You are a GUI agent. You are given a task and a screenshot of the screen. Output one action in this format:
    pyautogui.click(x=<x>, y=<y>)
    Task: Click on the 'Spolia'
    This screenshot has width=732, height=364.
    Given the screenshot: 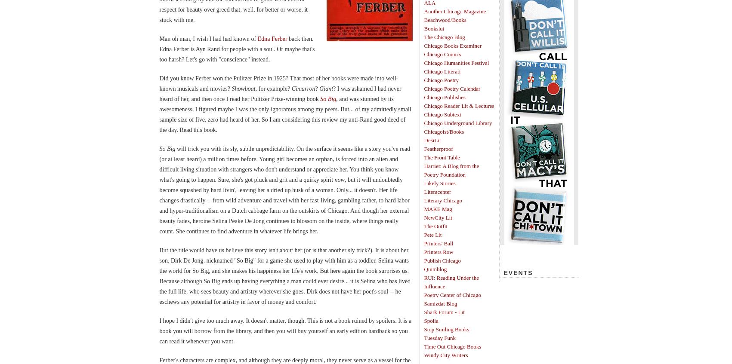 What is the action you would take?
    pyautogui.click(x=431, y=320)
    